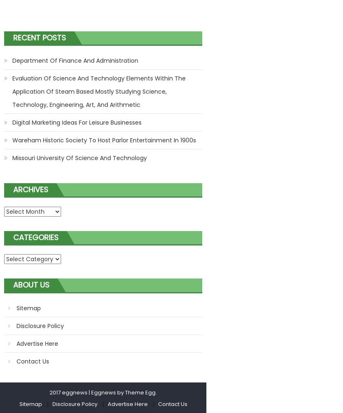  Describe the element at coordinates (31, 284) in the screenshot. I see `'About Us'` at that location.